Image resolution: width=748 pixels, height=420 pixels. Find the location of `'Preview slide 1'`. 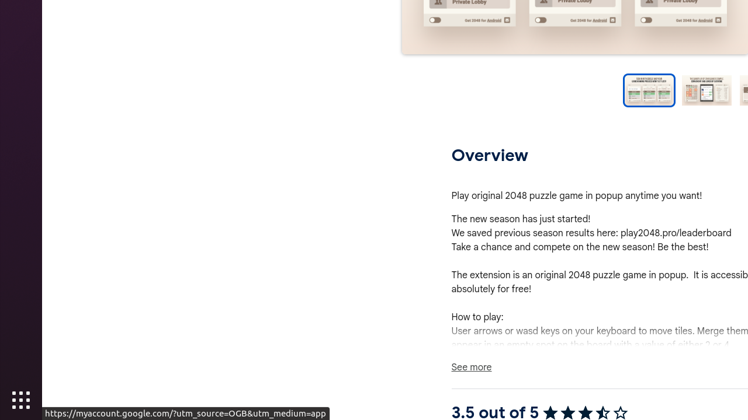

'Preview slide 1' is located at coordinates (648, 90).